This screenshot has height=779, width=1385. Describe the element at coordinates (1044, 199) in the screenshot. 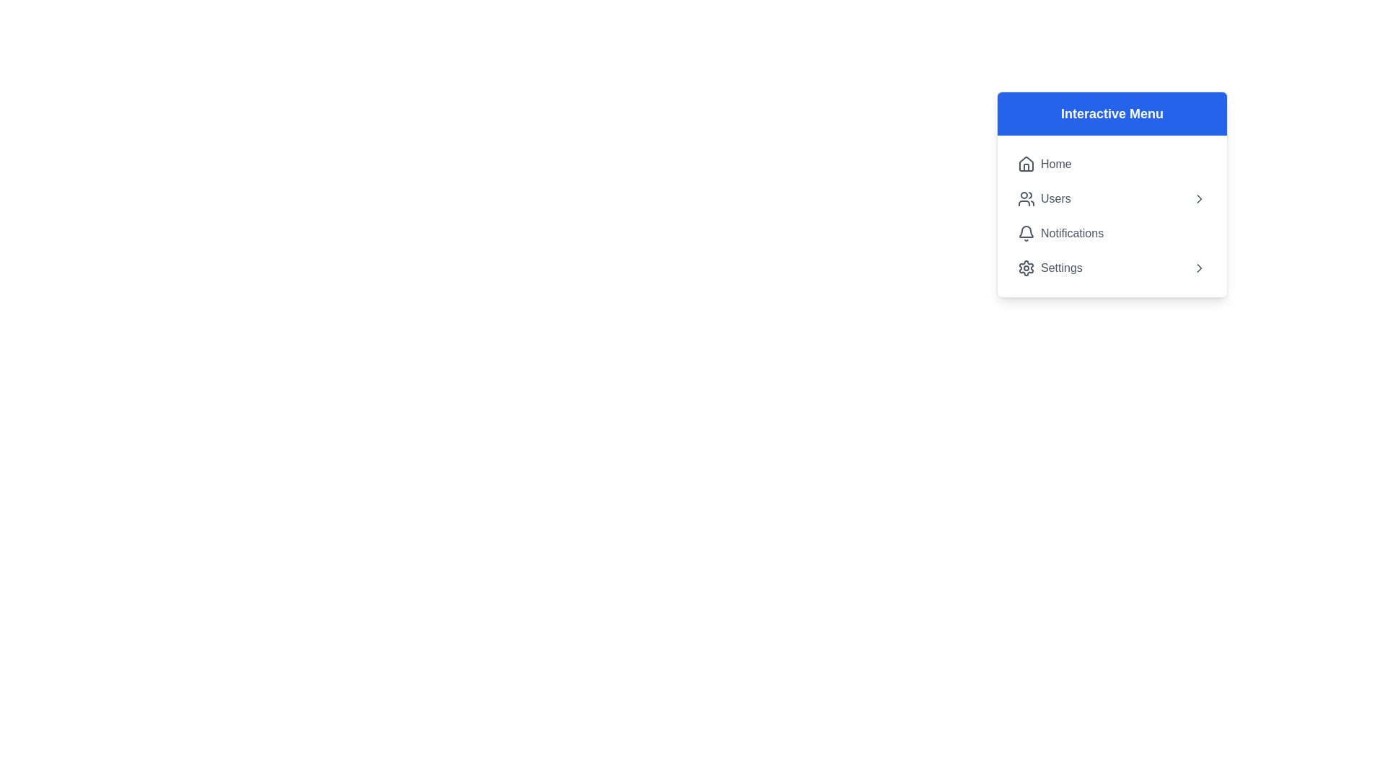

I see `the 'Users' text with icon label in the interactive menu` at that location.